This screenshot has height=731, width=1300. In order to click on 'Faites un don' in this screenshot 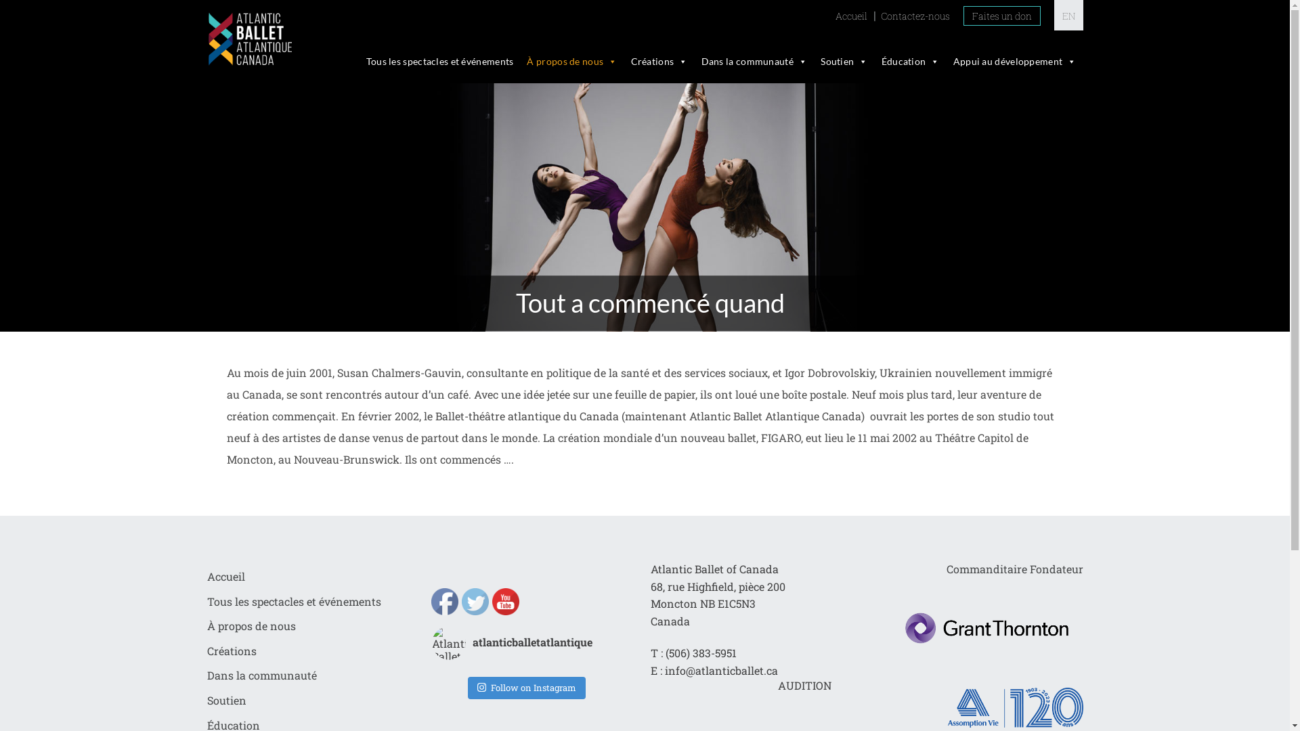, I will do `click(961, 16)`.